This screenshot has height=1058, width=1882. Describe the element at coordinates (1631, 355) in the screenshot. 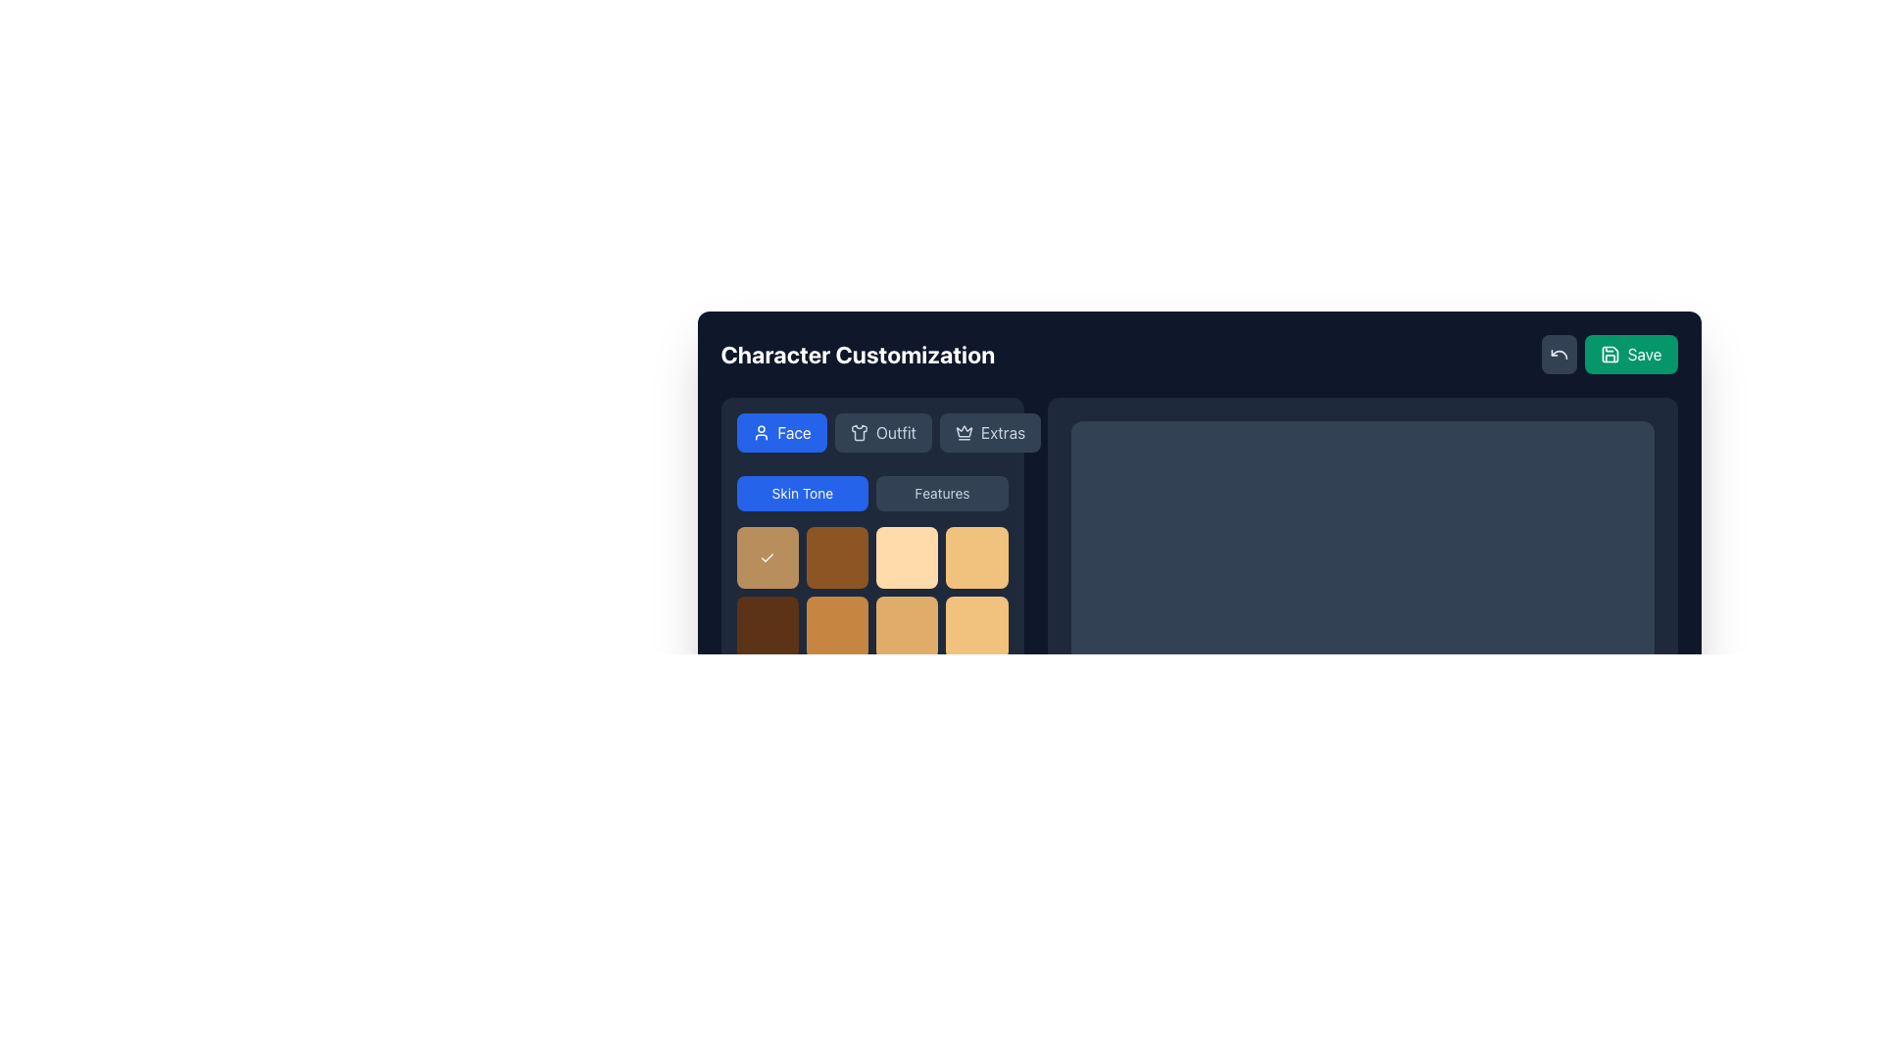

I see `the green 'Save' button with a white save icon on its left` at that location.